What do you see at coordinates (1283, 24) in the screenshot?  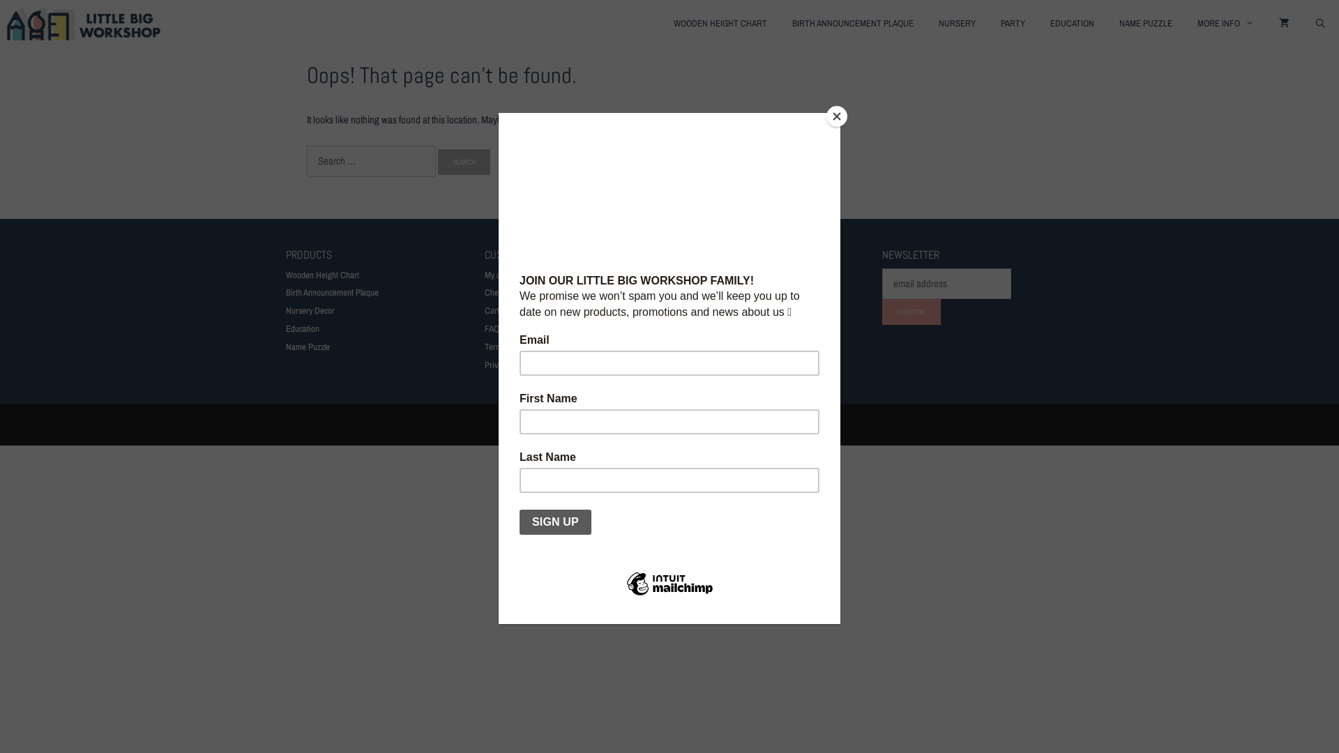 I see `'View your shopping cart'` at bounding box center [1283, 24].